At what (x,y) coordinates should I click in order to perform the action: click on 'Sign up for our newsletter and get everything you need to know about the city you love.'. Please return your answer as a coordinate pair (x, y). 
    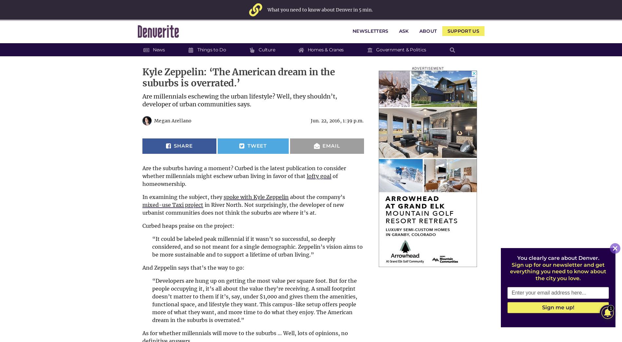
    Looking at the image, I should click on (558, 271).